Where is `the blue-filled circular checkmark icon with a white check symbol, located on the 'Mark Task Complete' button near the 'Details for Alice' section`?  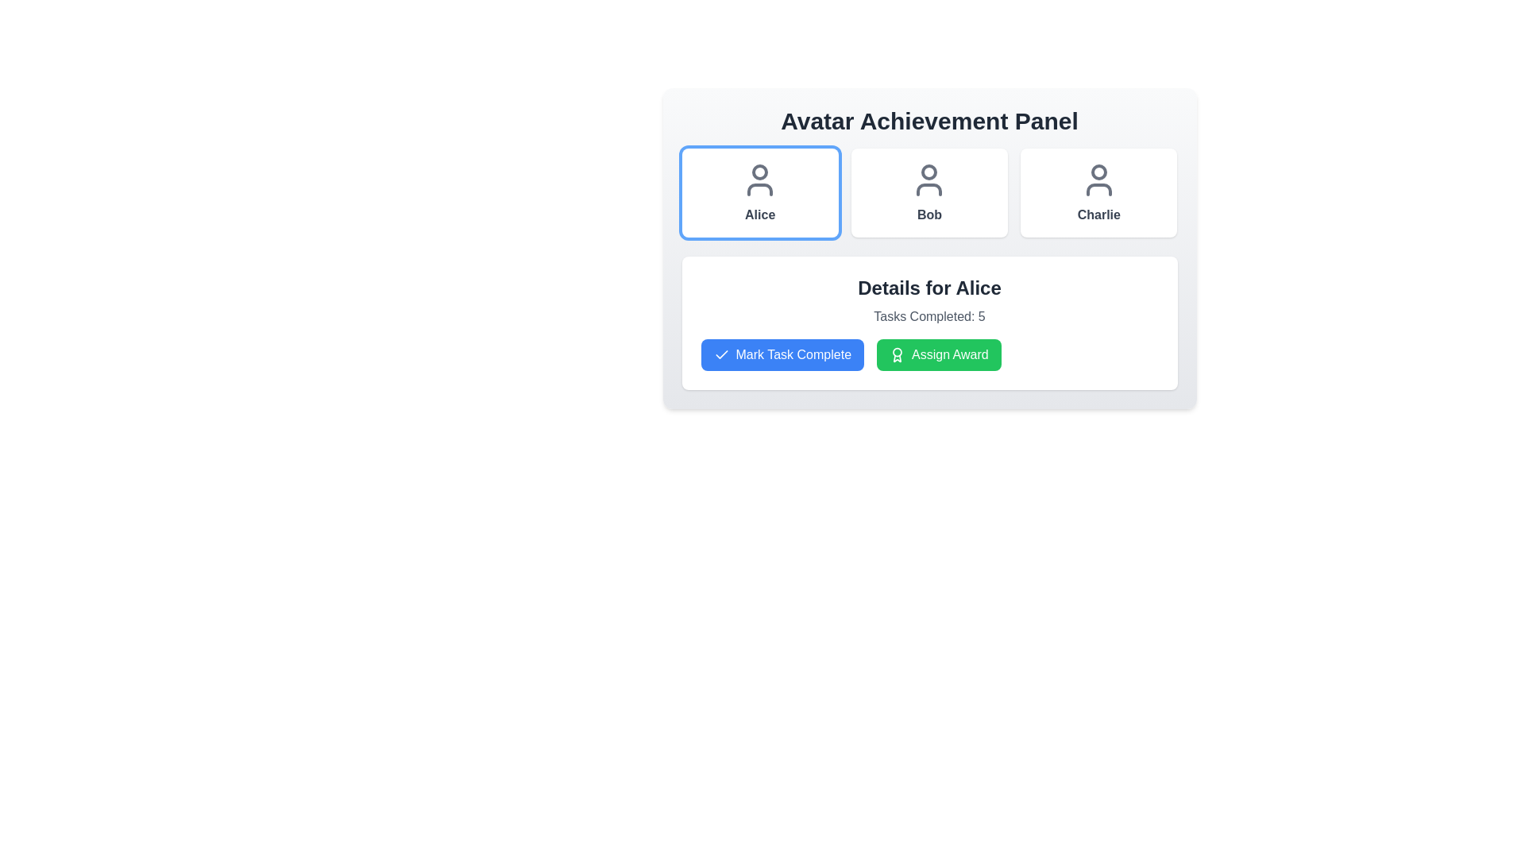 the blue-filled circular checkmark icon with a white check symbol, located on the 'Mark Task Complete' button near the 'Details for Alice' section is located at coordinates (720, 354).